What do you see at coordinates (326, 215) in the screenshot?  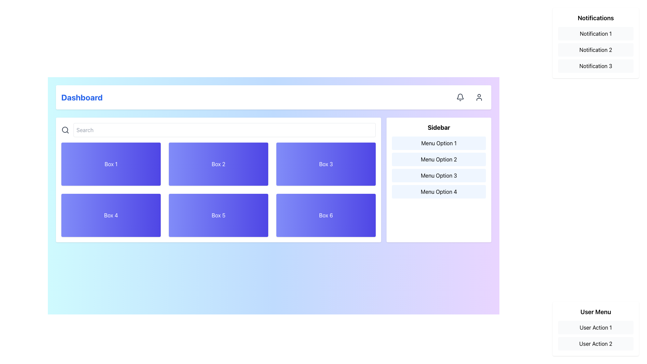 I see `the sixth card in the bottom-right corner of the grid layout to interact with it` at bounding box center [326, 215].